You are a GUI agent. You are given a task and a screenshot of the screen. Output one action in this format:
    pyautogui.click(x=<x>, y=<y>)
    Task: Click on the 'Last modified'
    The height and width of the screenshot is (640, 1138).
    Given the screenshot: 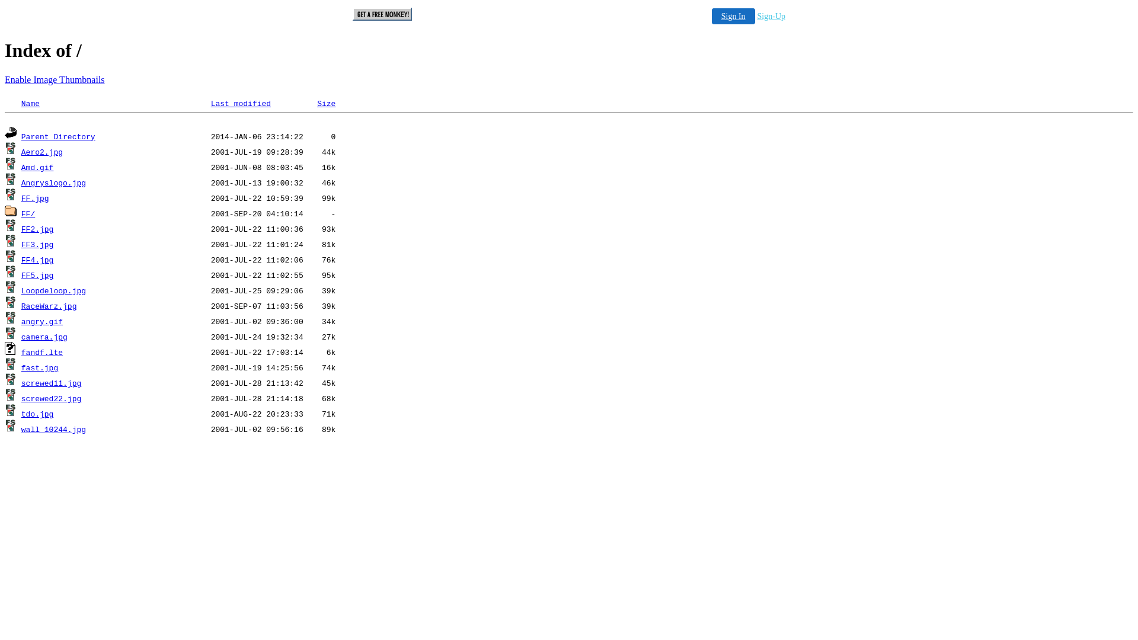 What is the action you would take?
    pyautogui.click(x=240, y=103)
    